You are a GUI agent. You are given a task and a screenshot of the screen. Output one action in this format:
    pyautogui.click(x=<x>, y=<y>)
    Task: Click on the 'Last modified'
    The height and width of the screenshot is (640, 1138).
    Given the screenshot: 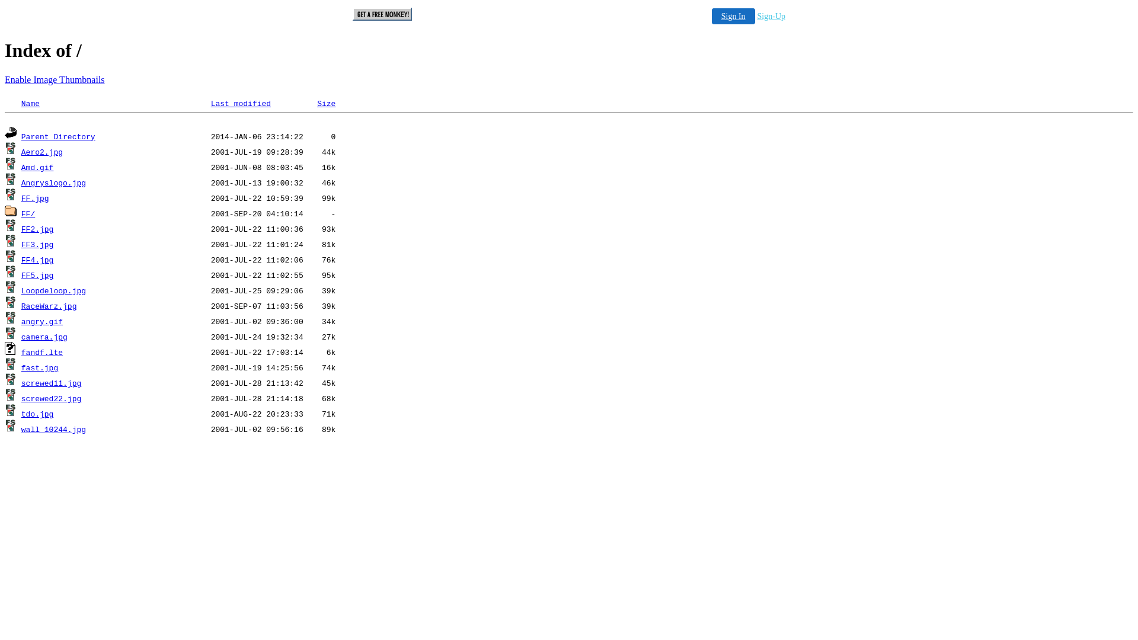 What is the action you would take?
    pyautogui.click(x=240, y=103)
    